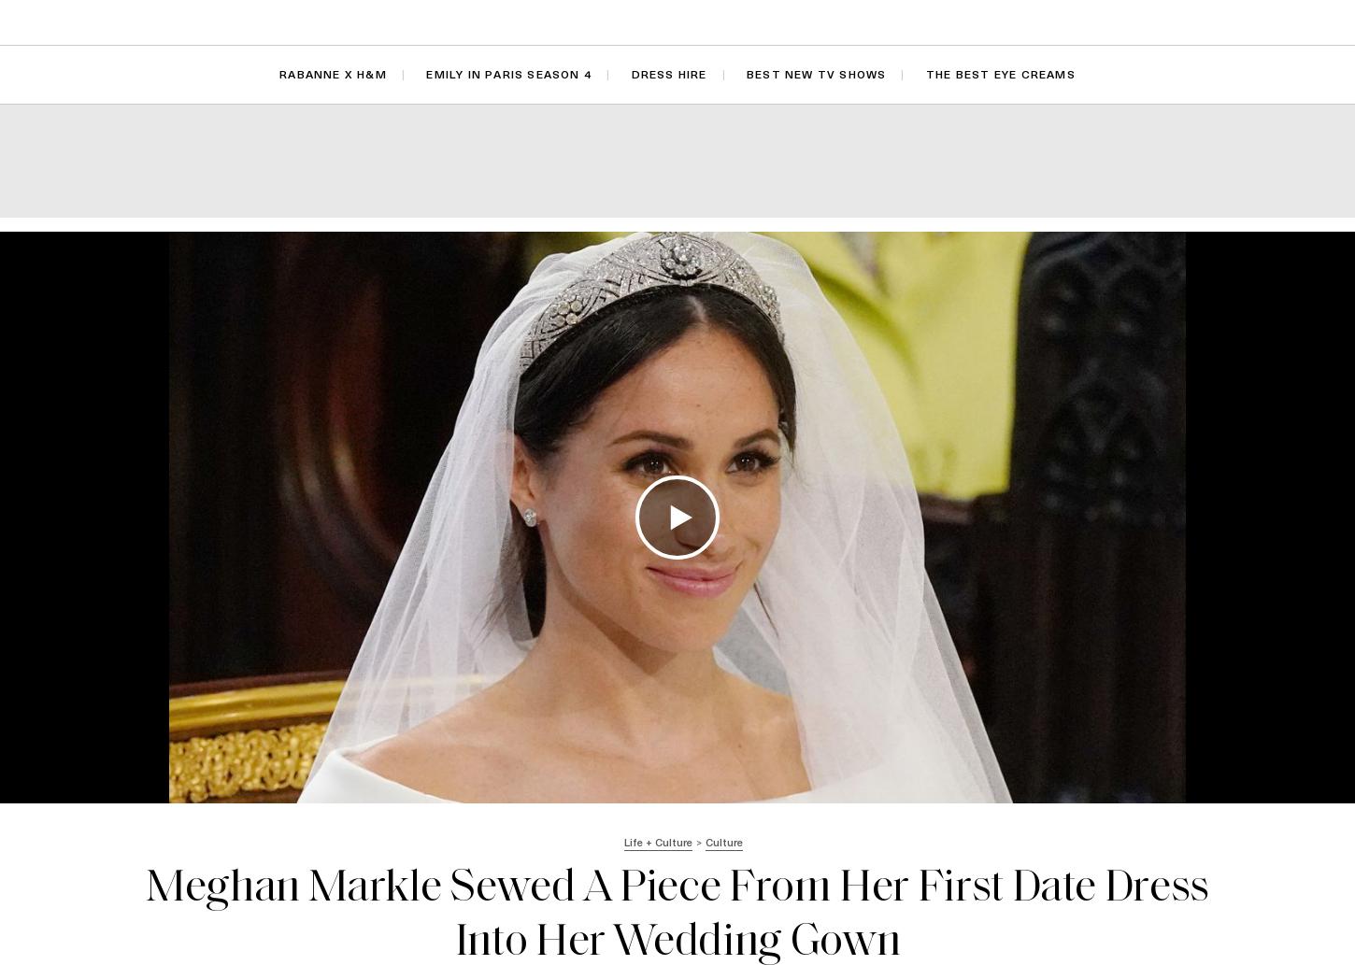  Describe the element at coordinates (708, 21) in the screenshot. I see `'ELLE Collective'` at that location.